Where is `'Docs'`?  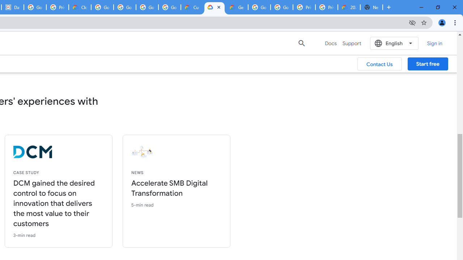
'Docs' is located at coordinates (331, 43).